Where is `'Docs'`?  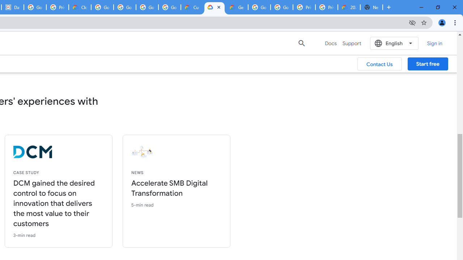
'Docs' is located at coordinates (331, 43).